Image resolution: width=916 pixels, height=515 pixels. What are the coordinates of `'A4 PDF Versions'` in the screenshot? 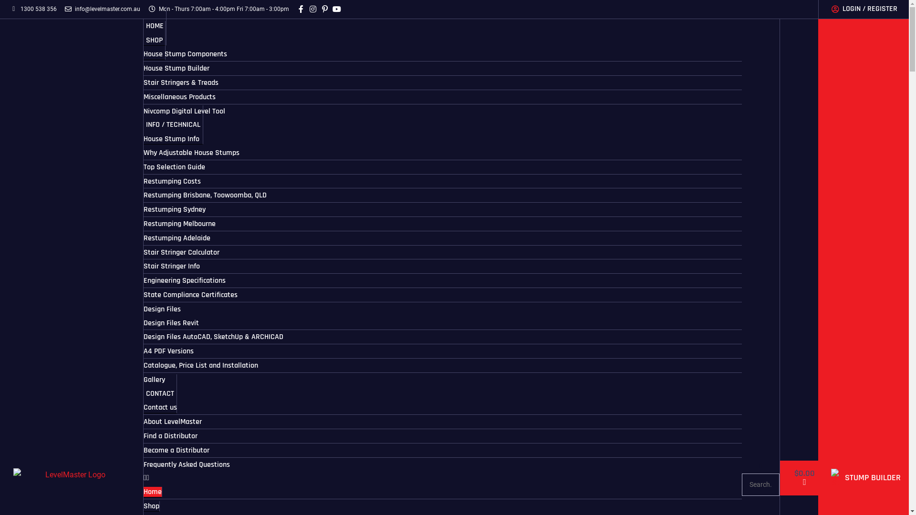 It's located at (143, 351).